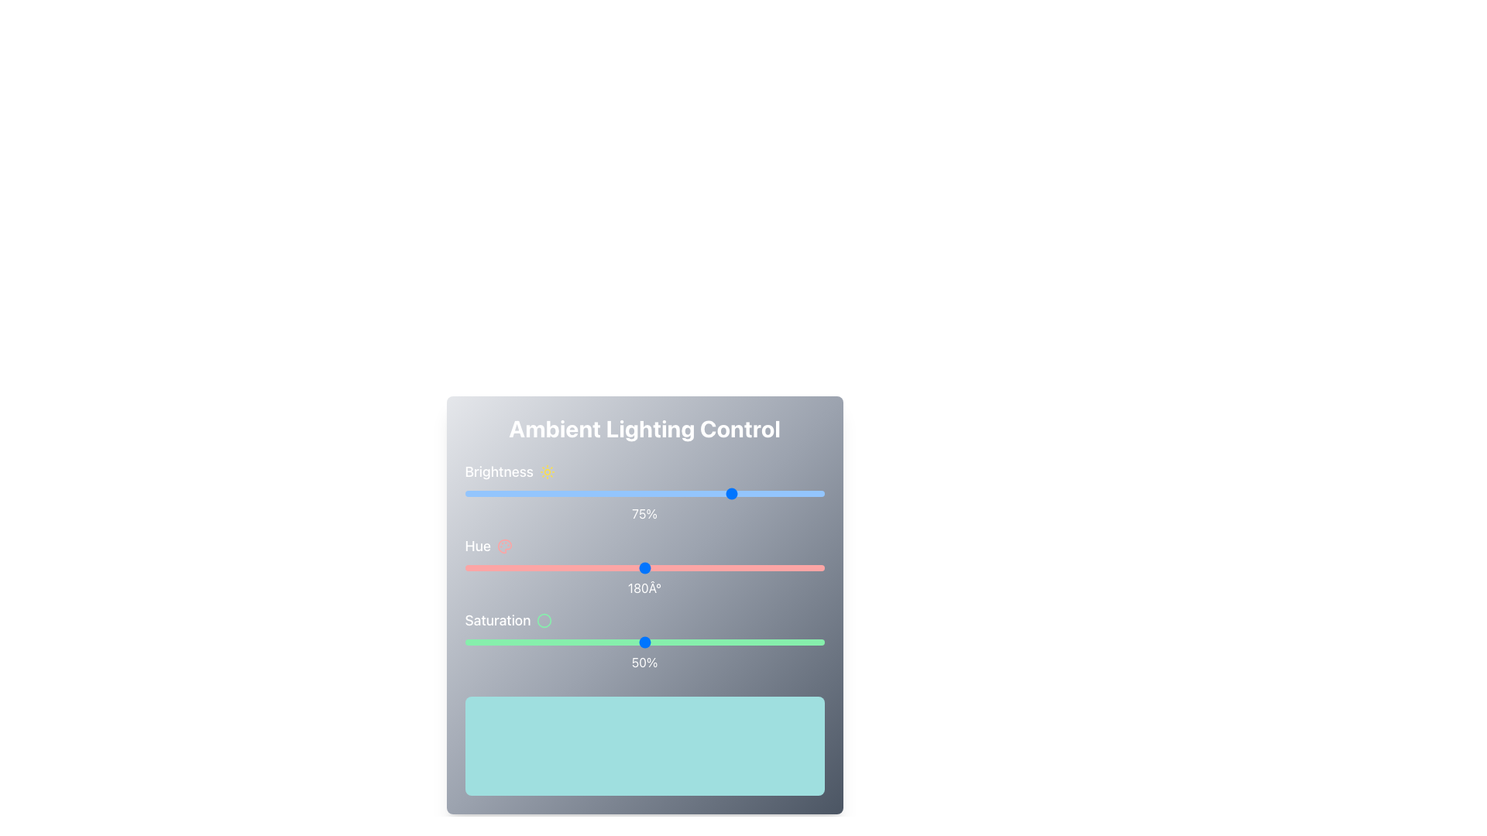 The width and height of the screenshot is (1487, 836). What do you see at coordinates (733, 642) in the screenshot?
I see `saturation` at bounding box center [733, 642].